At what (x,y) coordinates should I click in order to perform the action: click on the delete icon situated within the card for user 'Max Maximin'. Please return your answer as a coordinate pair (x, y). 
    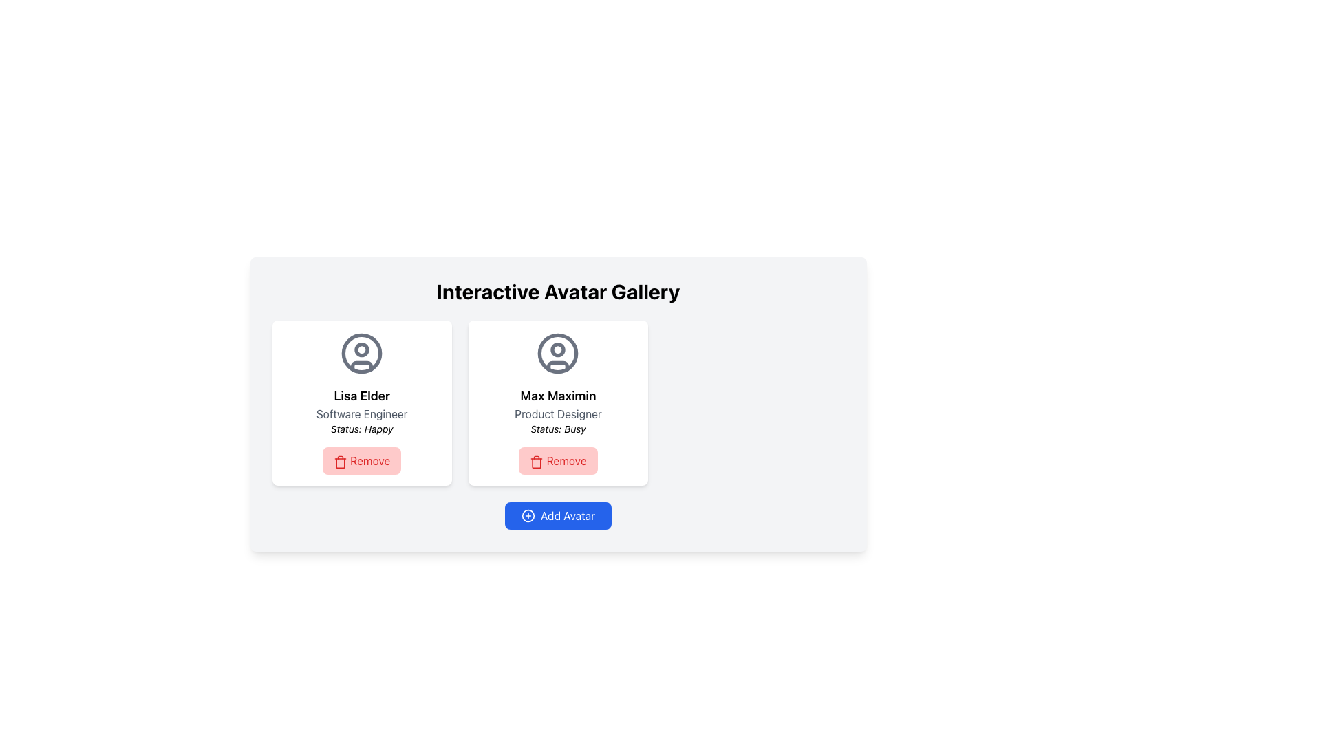
    Looking at the image, I should click on (536, 463).